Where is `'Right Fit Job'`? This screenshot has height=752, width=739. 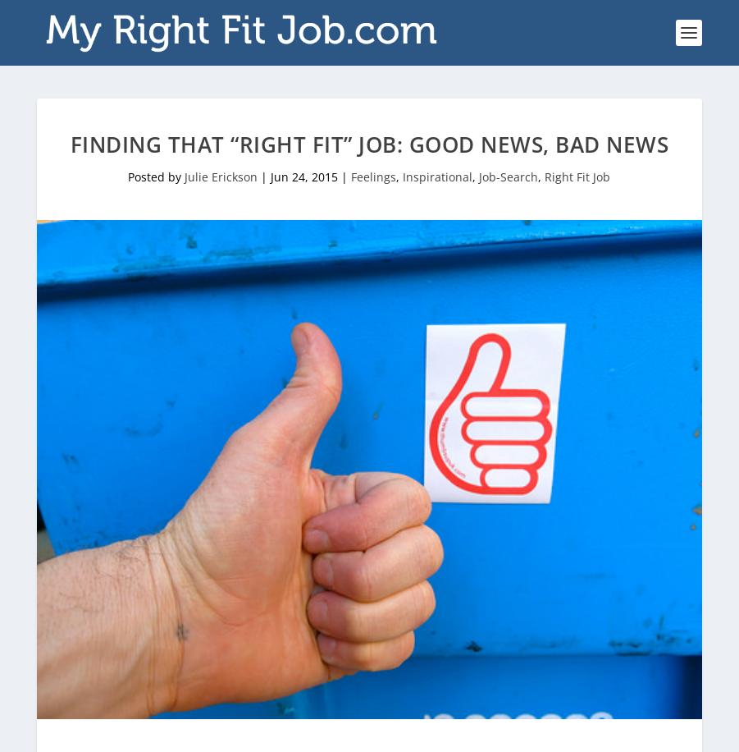 'Right Fit Job' is located at coordinates (577, 175).